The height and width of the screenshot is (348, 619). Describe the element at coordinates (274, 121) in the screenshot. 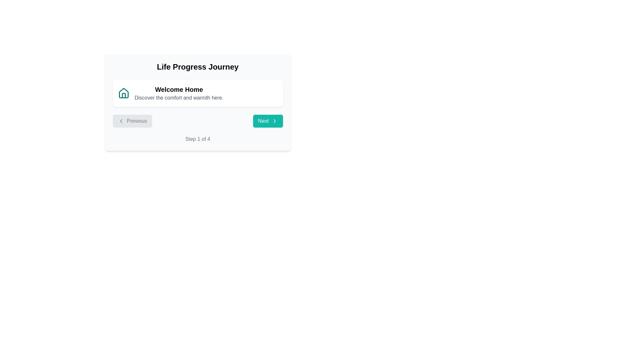

I see `the right-pointing chevron arrow icon located at the rightmost side of the 'Next' button on the bottom-right area of the card-like interface` at that location.